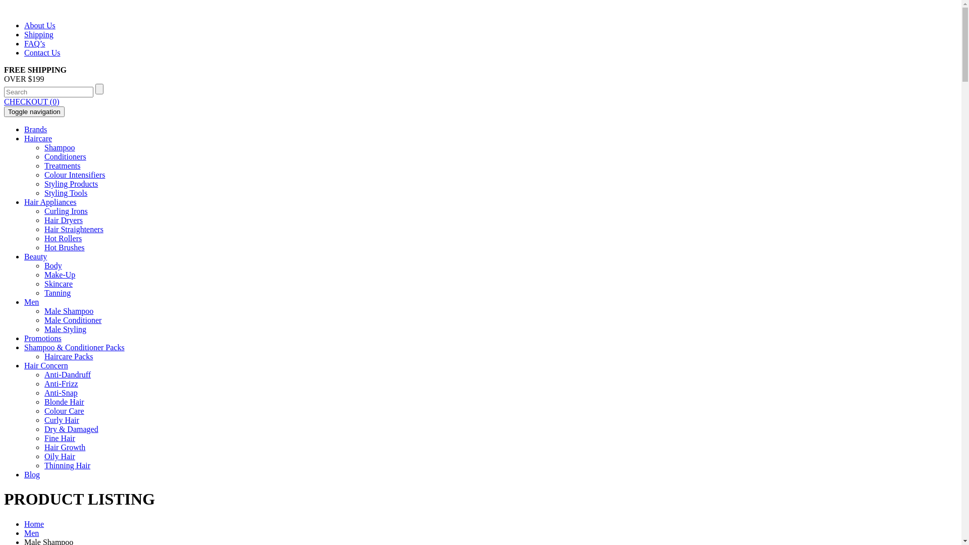 This screenshot has width=969, height=545. What do you see at coordinates (24, 138) in the screenshot?
I see `'Haircare'` at bounding box center [24, 138].